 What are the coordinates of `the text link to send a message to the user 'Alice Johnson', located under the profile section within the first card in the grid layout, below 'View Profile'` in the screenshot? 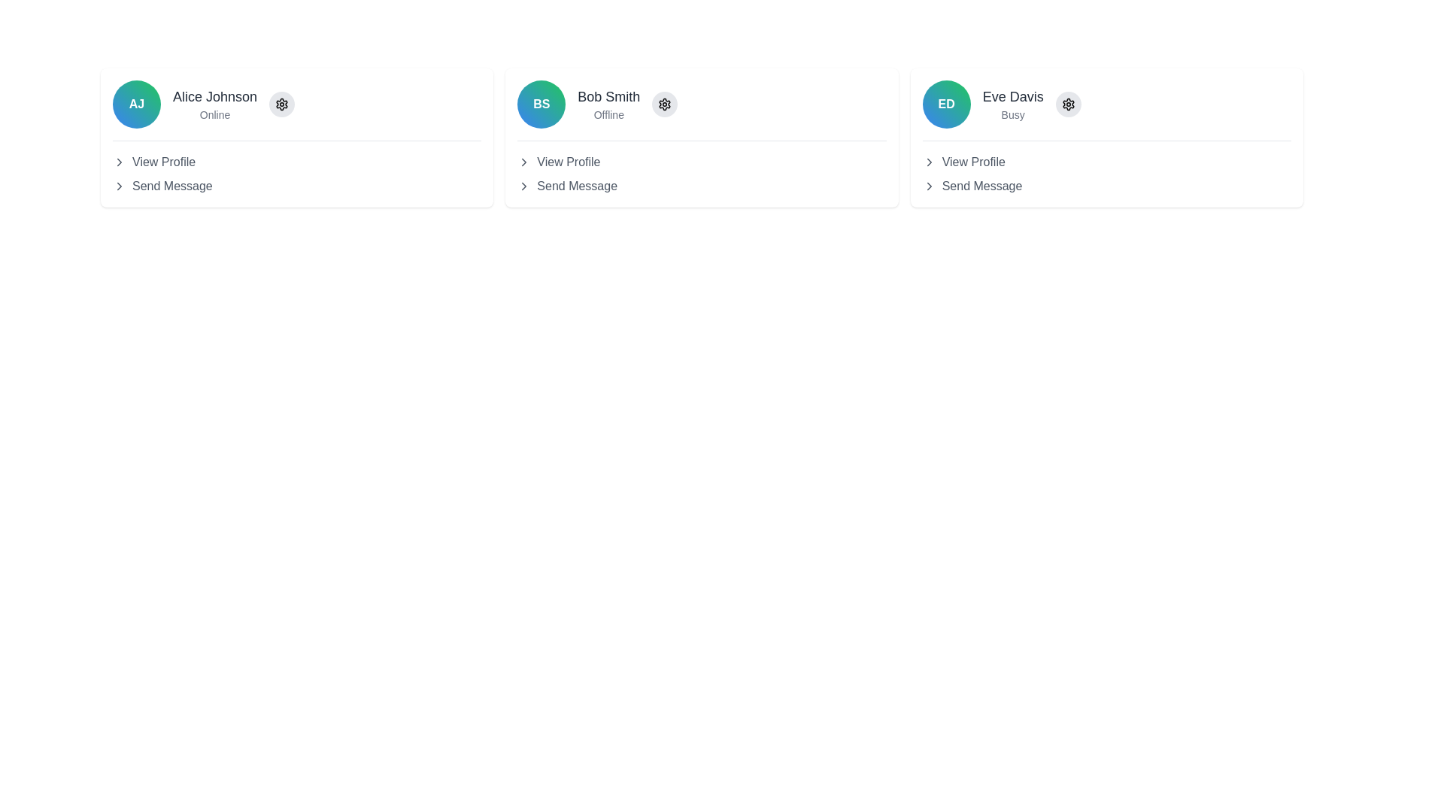 It's located at (172, 185).